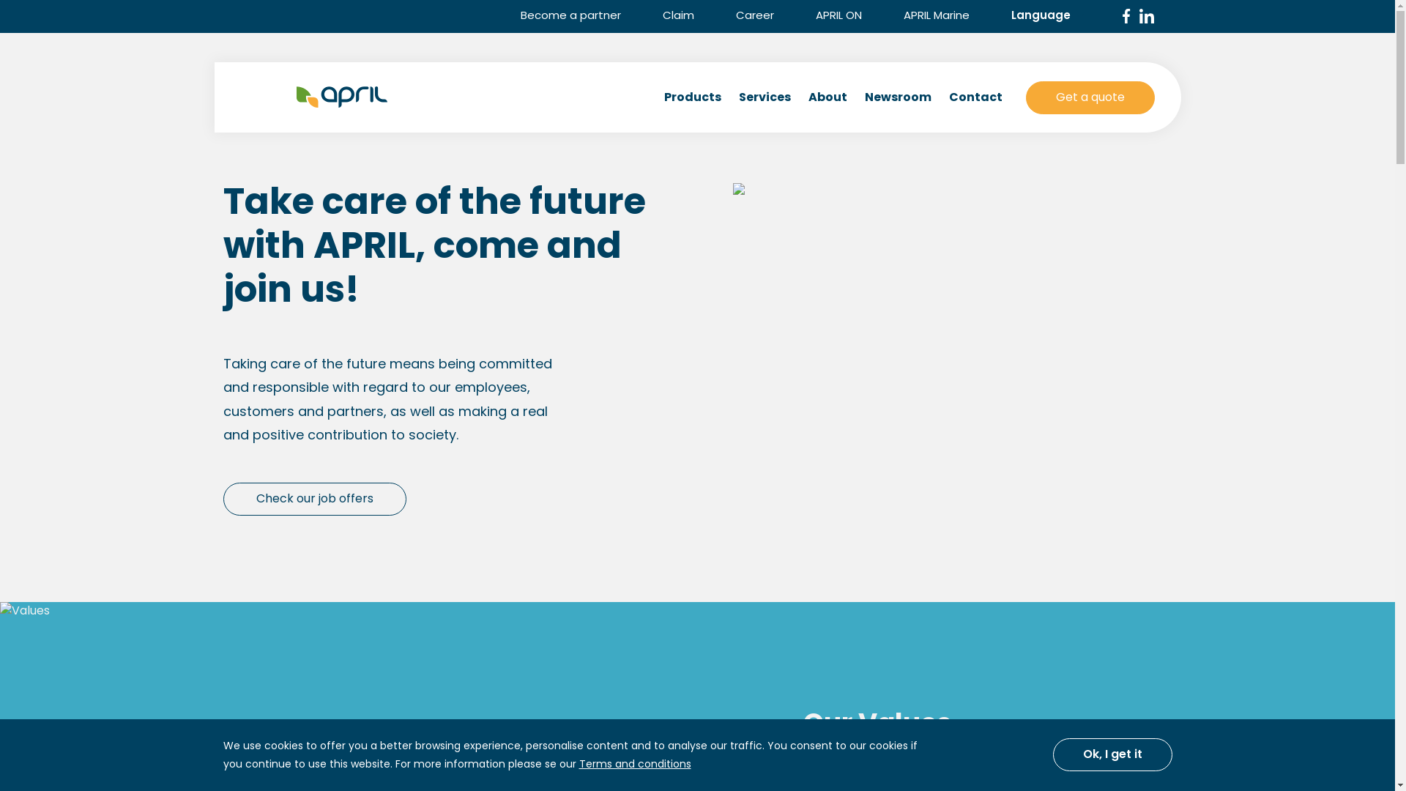  What do you see at coordinates (1049, 15) in the screenshot?
I see `'Language'` at bounding box center [1049, 15].